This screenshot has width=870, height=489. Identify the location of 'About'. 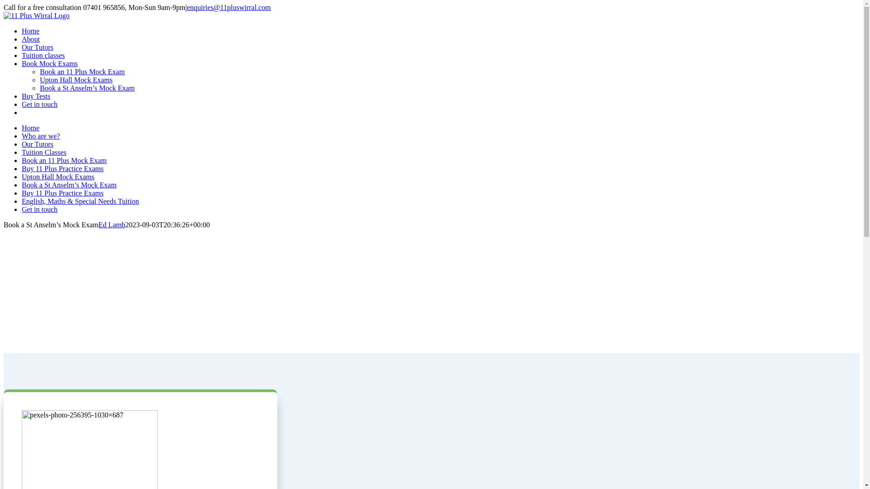
(22, 38).